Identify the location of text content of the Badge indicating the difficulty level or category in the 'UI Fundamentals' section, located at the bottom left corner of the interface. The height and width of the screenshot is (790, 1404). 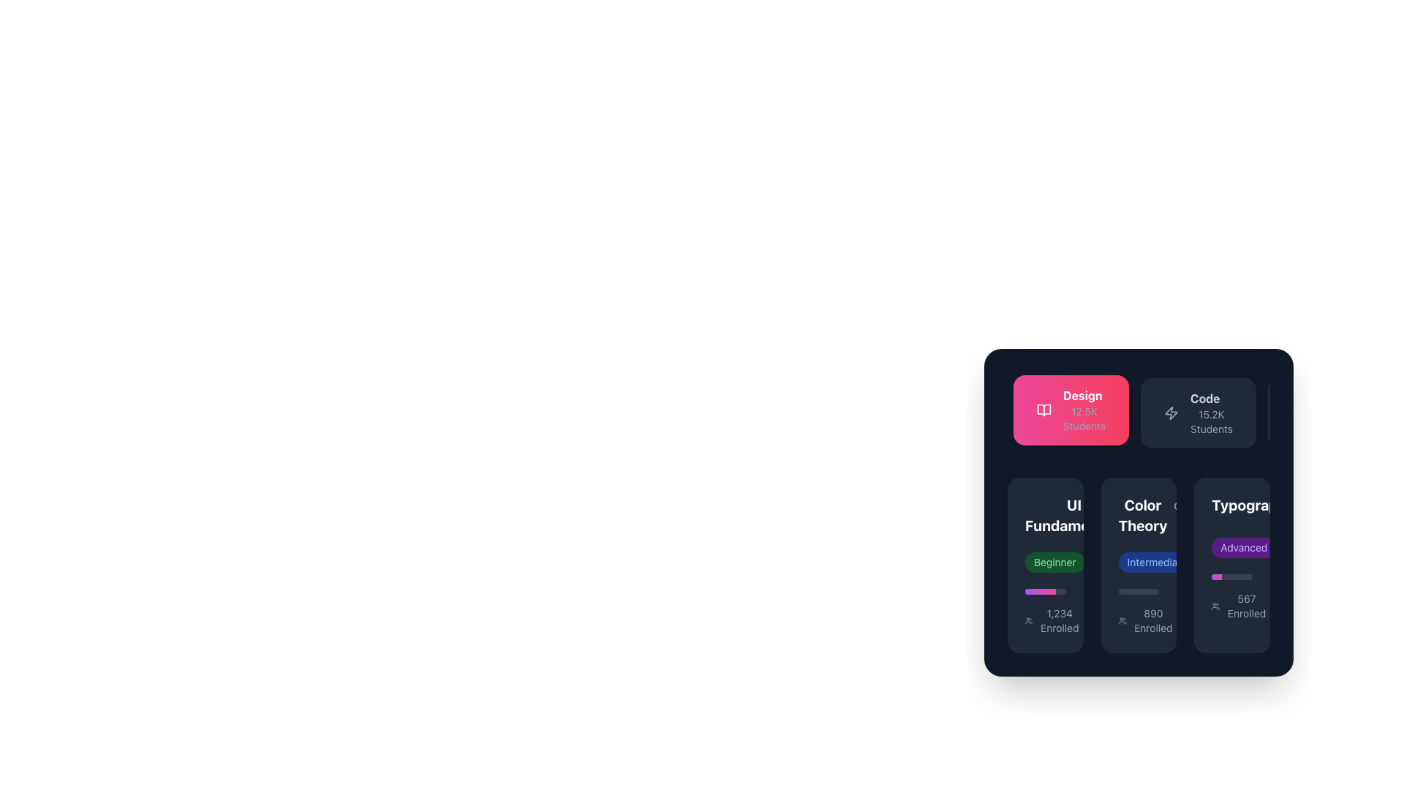
(1054, 561).